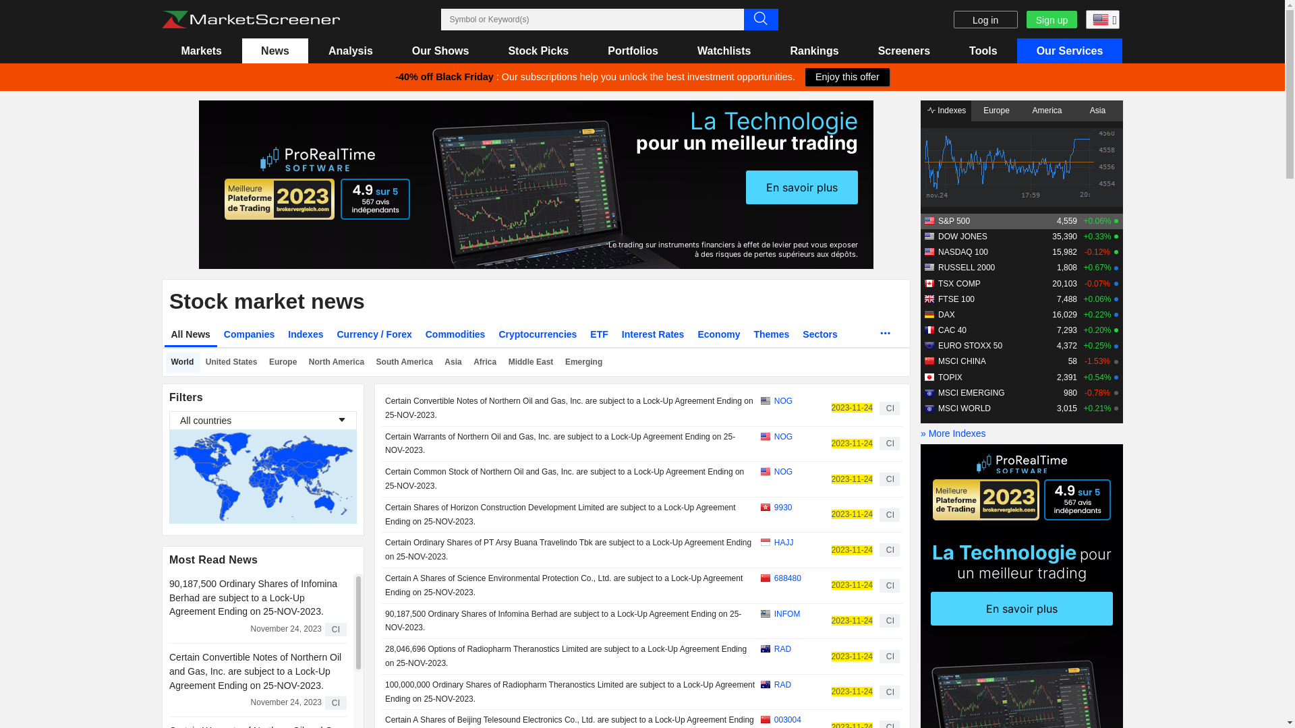 The image size is (1295, 728). I want to click on 'Cryptocurrencies', so click(536, 334).